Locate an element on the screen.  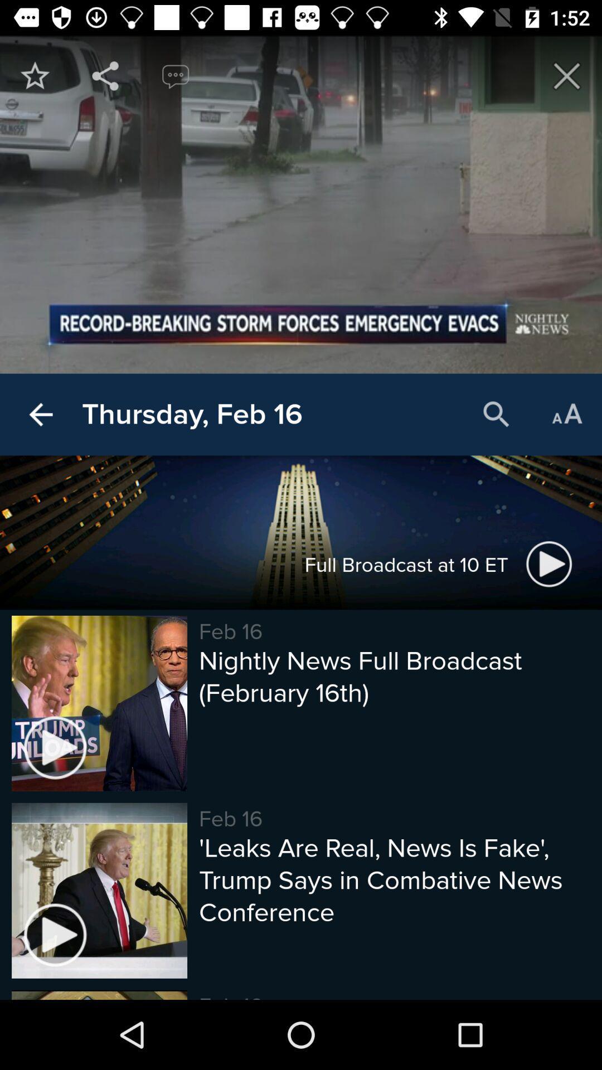
bookmark story is located at coordinates (34, 75).